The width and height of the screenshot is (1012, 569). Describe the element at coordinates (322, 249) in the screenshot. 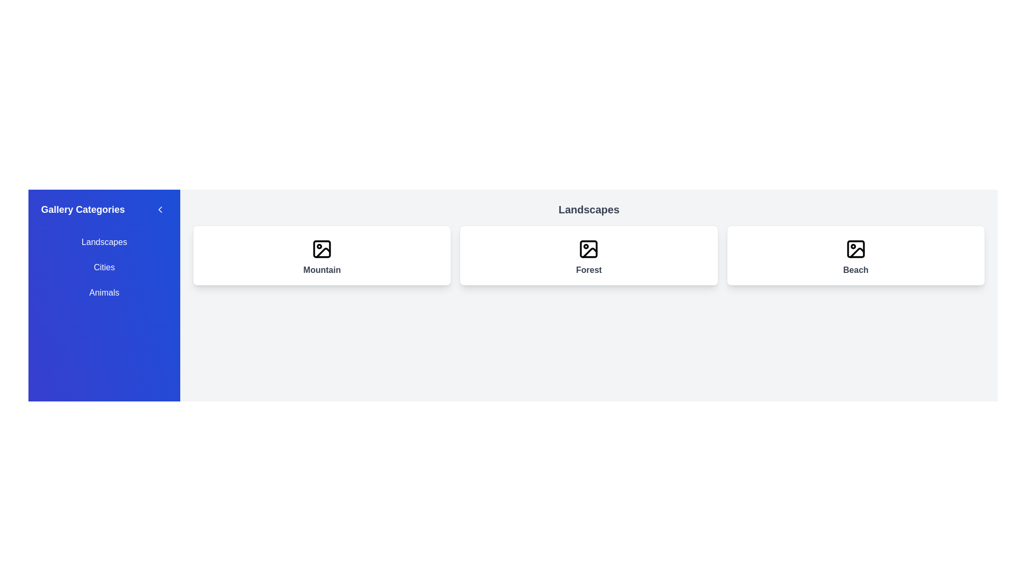

I see `the 'Mountain' SVG icon which represents the landscape category, centered within the first card of three cards in a horizontal row` at that location.